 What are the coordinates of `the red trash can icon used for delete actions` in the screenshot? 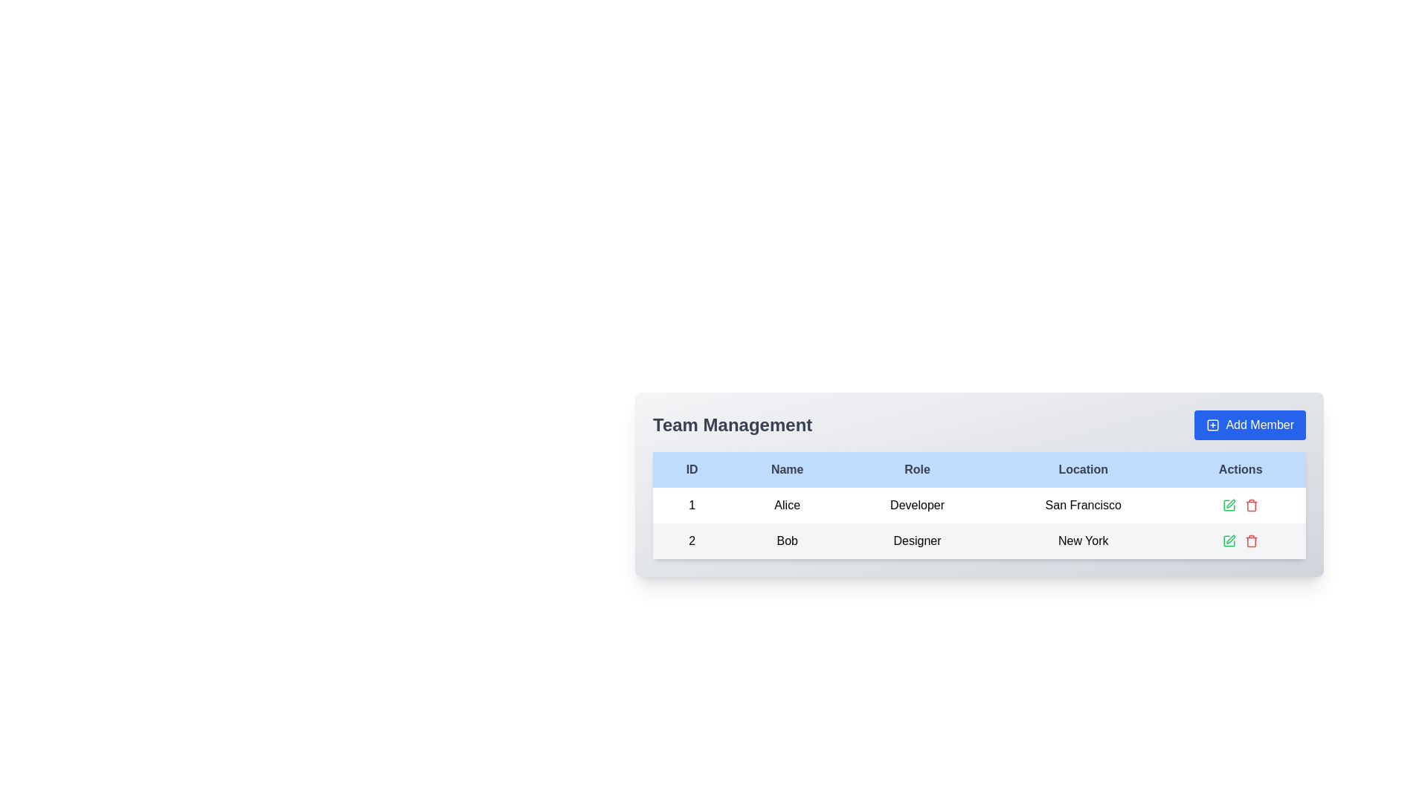 It's located at (1251, 541).